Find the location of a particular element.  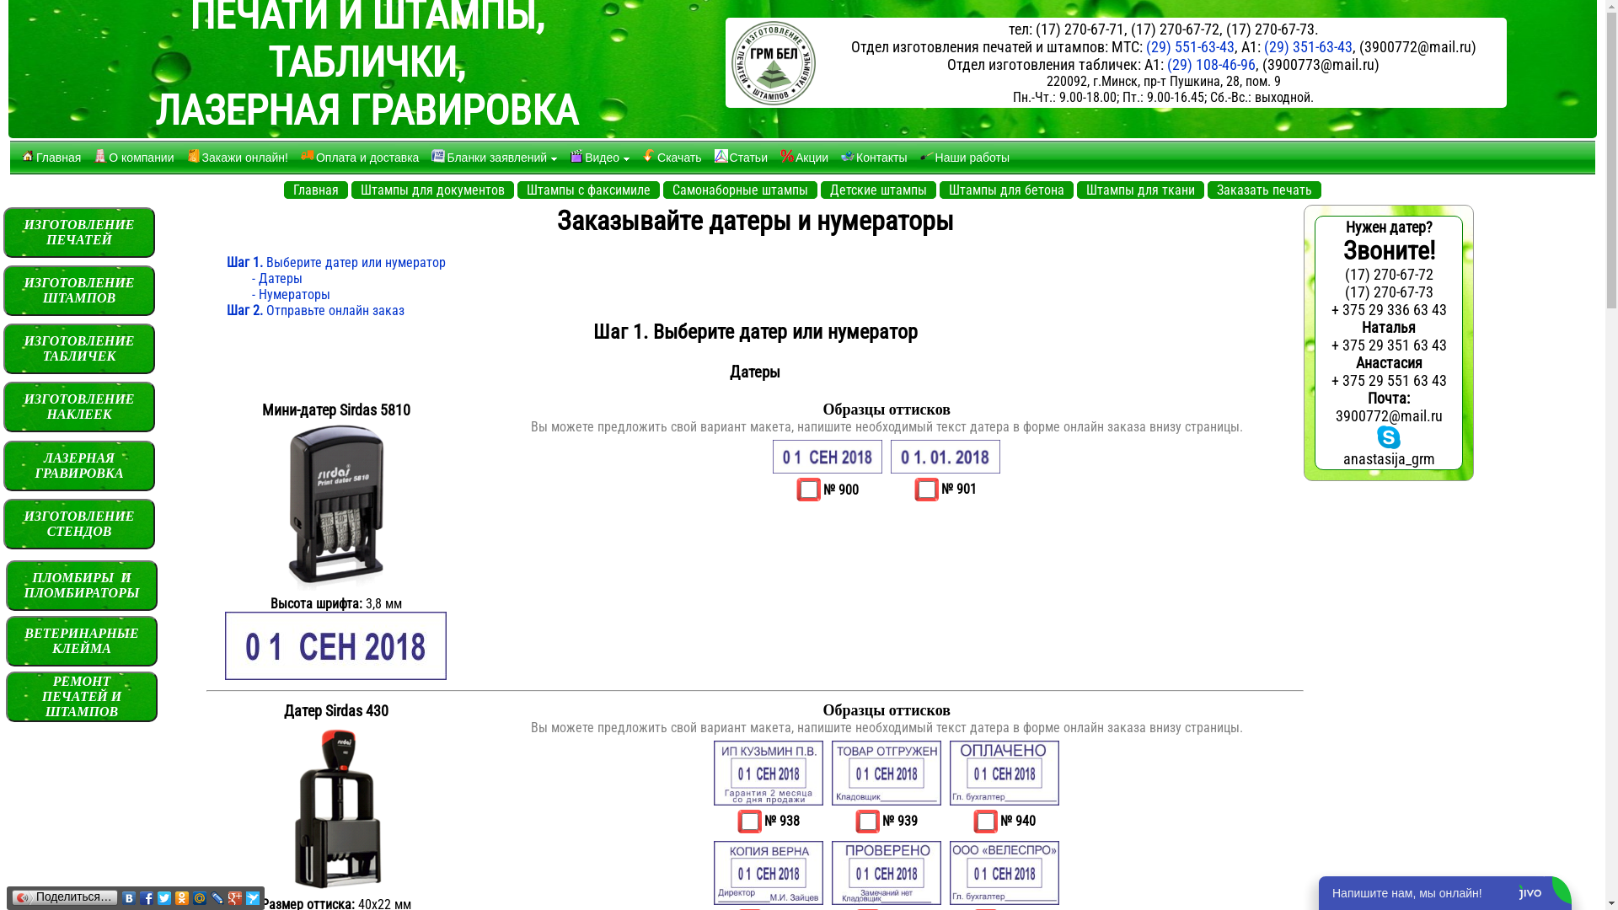

'(29) 351-63-43' is located at coordinates (1307, 45).